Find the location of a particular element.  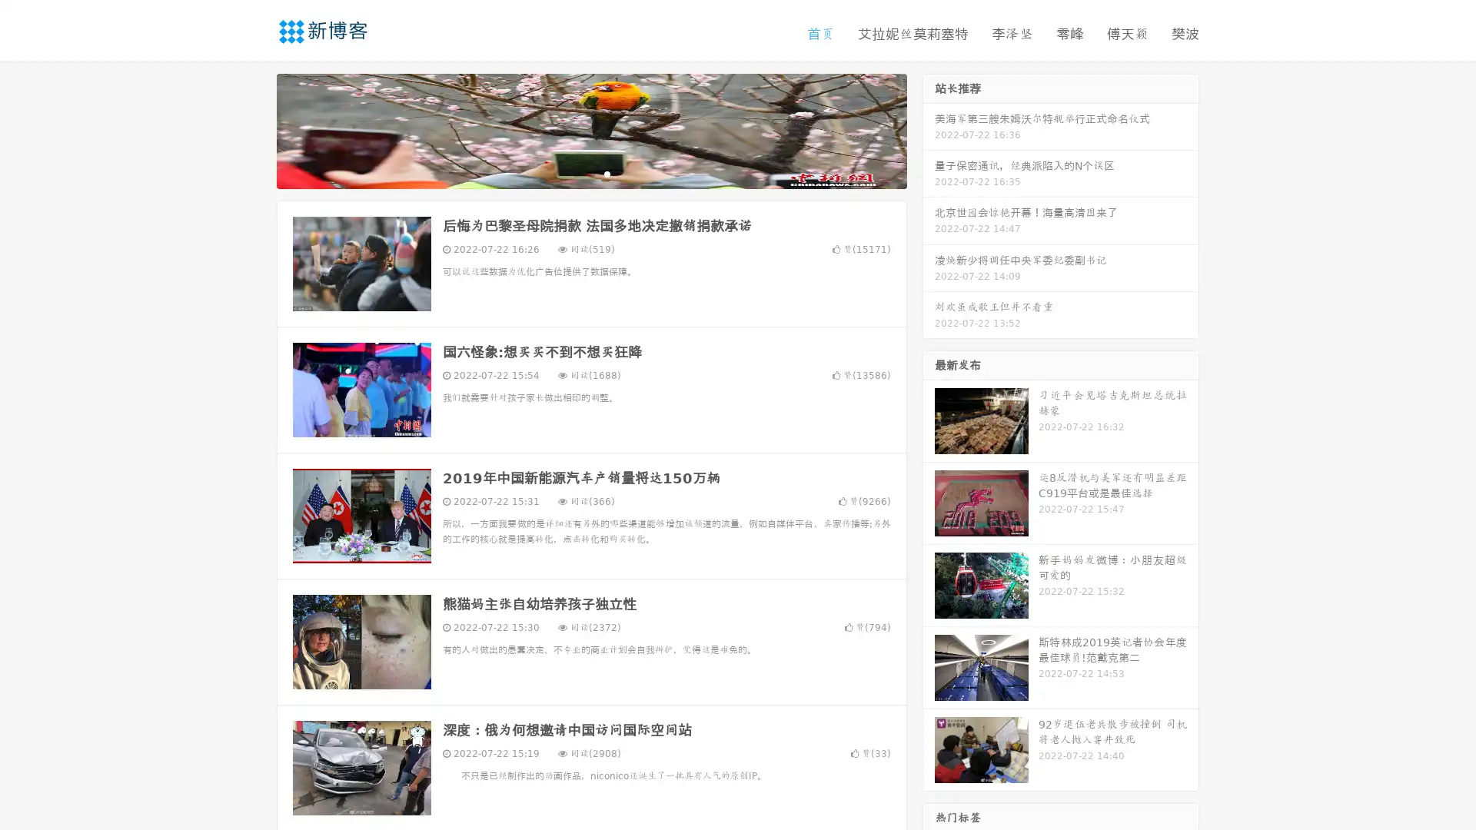

Previous slide is located at coordinates (254, 129).